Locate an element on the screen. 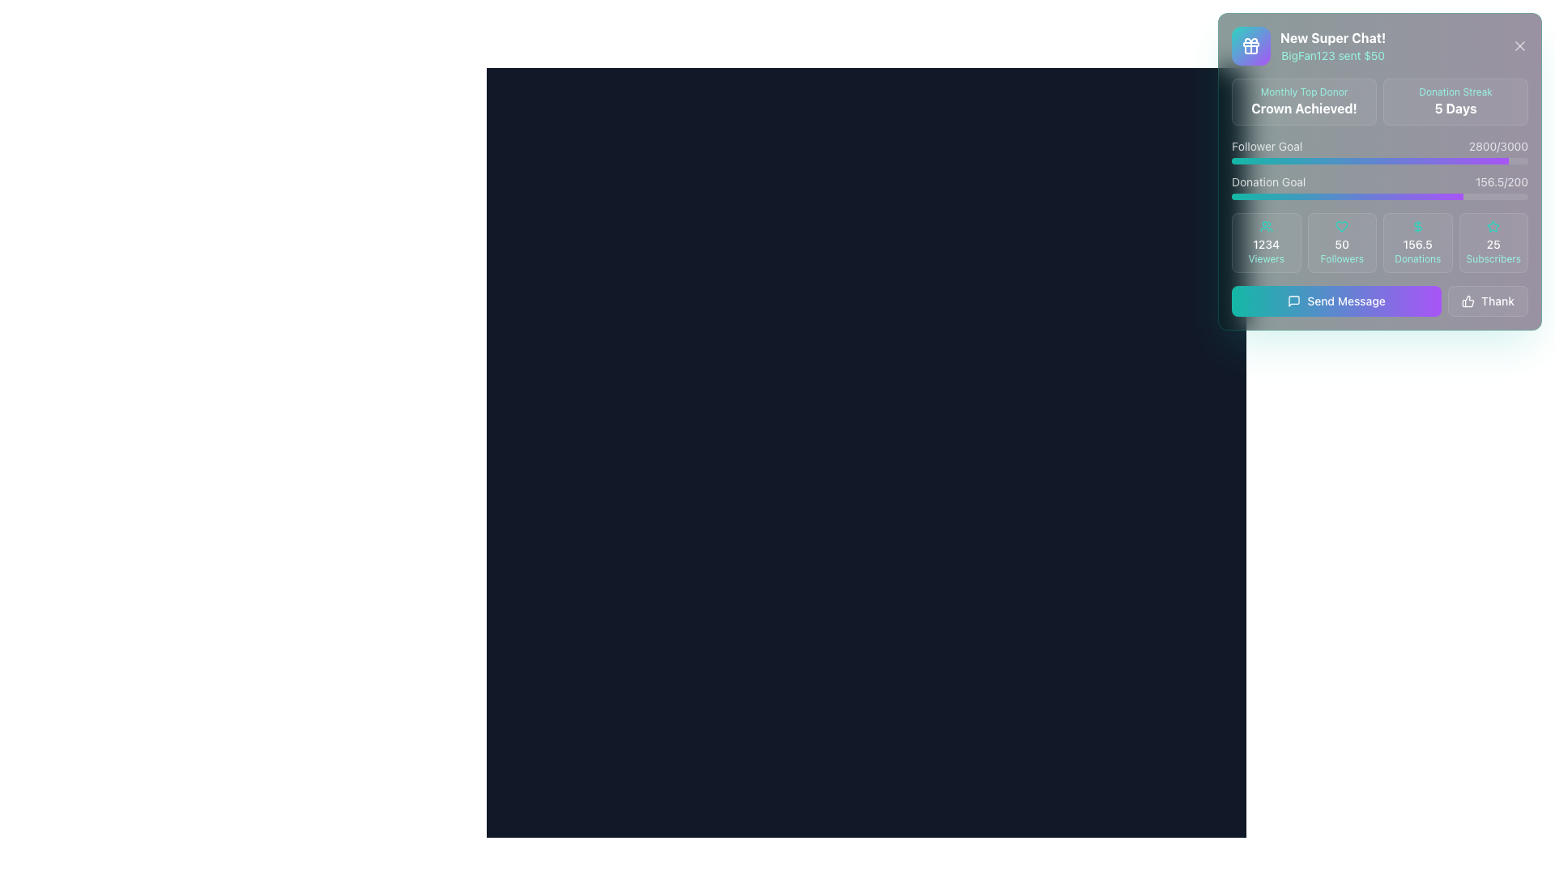 Image resolution: width=1555 pixels, height=875 pixels. the close button in the top-right corner of the notification card is located at coordinates (1519, 45).